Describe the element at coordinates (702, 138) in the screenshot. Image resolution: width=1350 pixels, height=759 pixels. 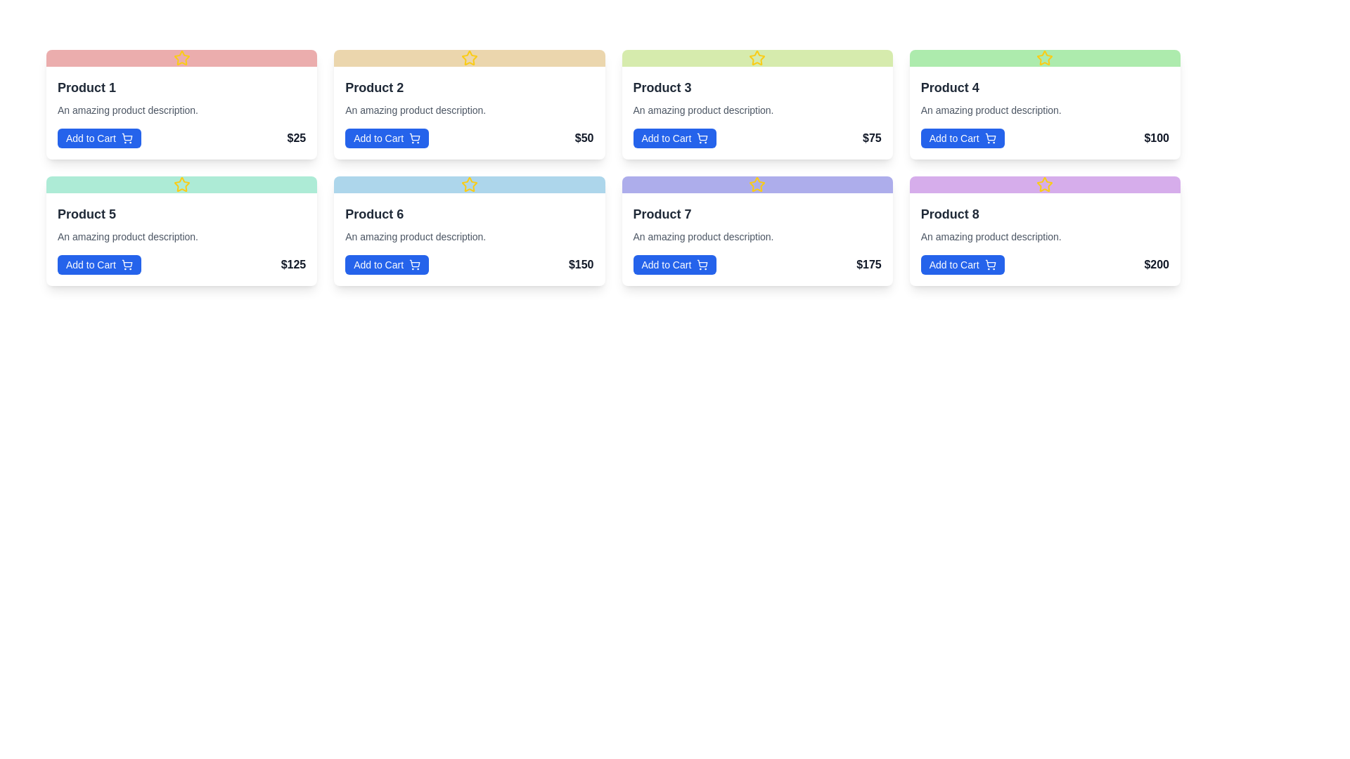
I see `the light blue shopping cart icon next to the 'Add to Cart' button for Product 3 to initiate adding to cart` at that location.